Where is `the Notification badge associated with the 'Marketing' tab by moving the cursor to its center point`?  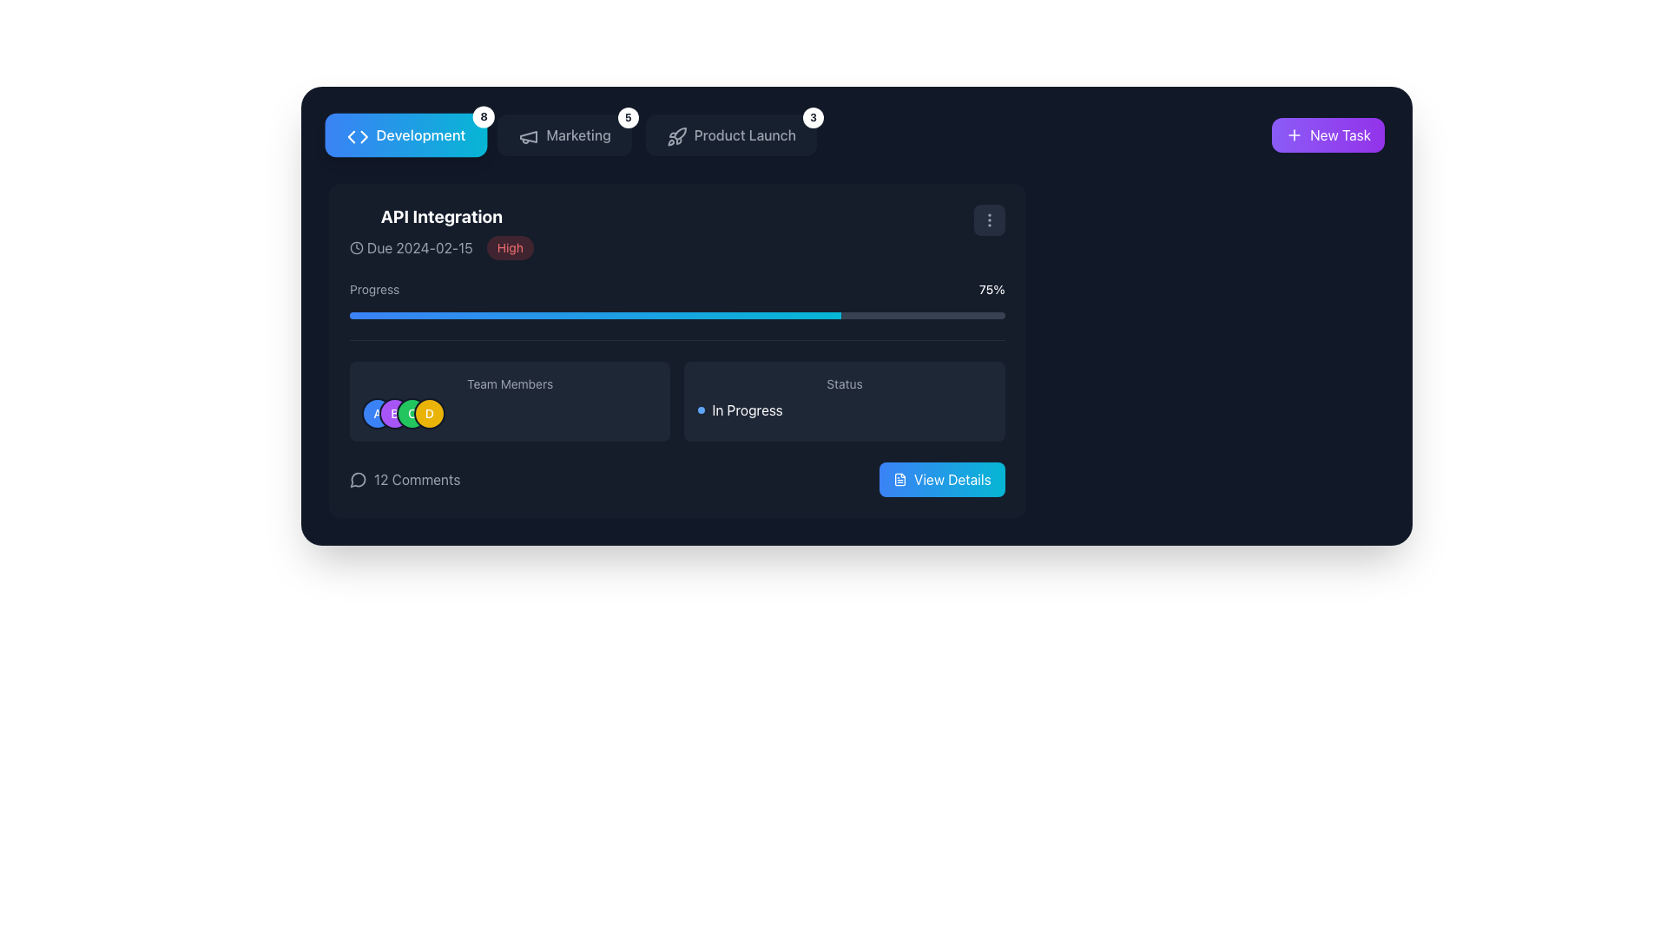 the Notification badge associated with the 'Marketing' tab by moving the cursor to its center point is located at coordinates (627, 117).